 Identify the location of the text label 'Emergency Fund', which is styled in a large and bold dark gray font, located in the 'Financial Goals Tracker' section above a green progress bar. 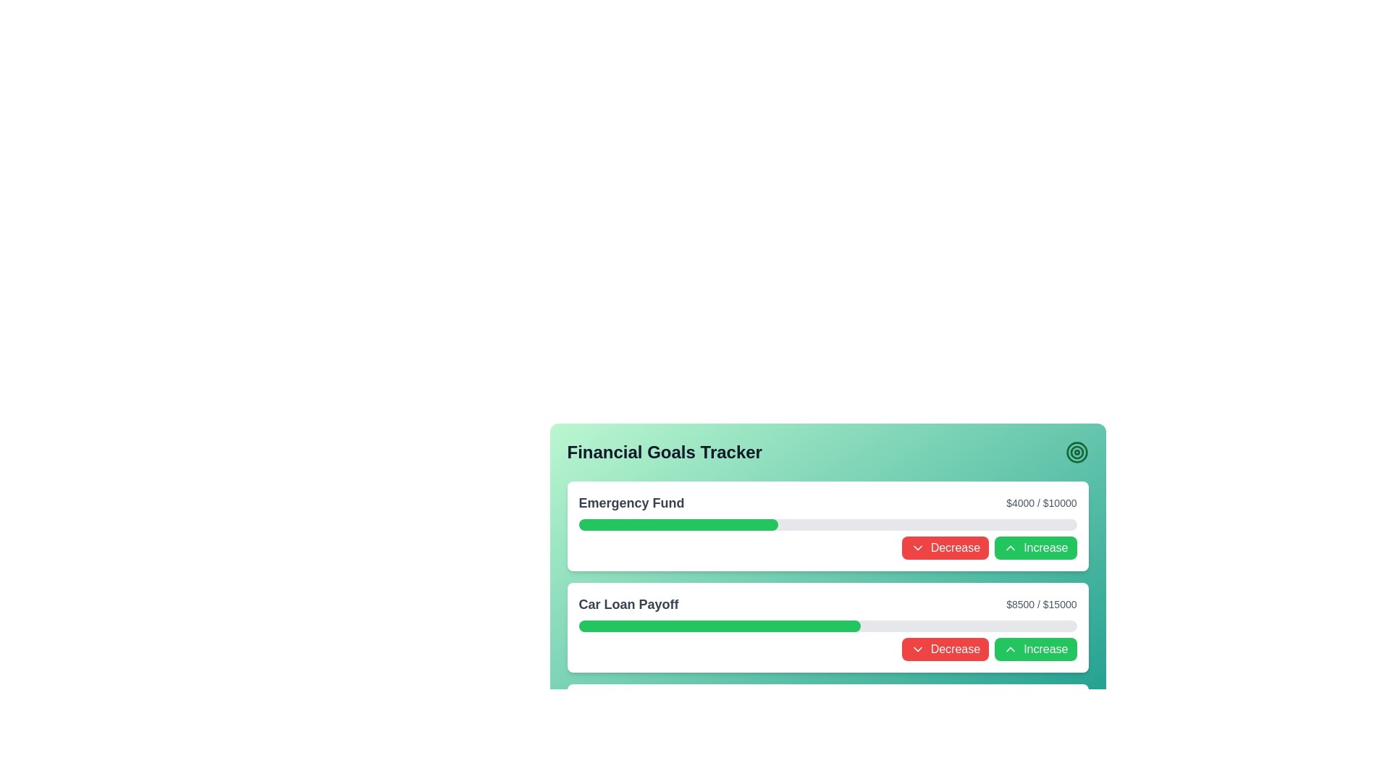
(631, 502).